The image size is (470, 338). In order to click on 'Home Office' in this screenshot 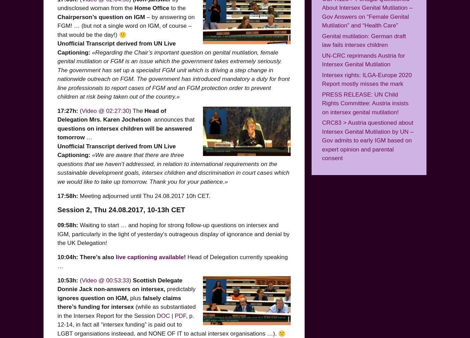, I will do `click(152, 8)`.